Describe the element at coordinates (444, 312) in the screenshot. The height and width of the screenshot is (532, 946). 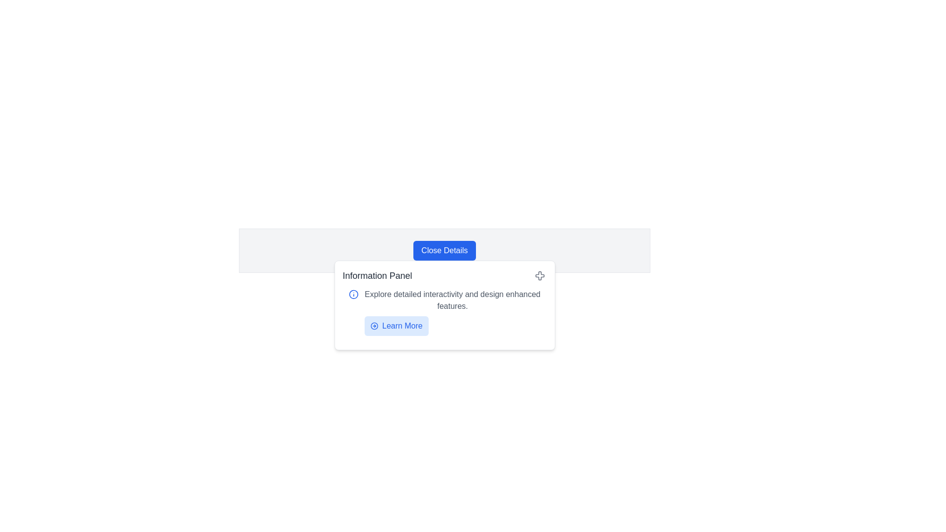
I see `the 'Learn More' button within the informational block that features a blue circular icon and light gray text reading, 'Explore detailed interactivity and design enhanced features.'` at that location.